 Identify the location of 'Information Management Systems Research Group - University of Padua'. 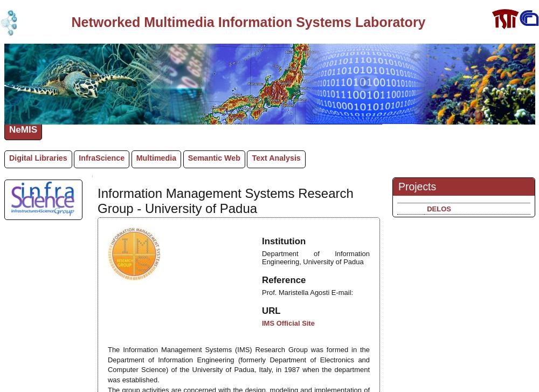
(225, 200).